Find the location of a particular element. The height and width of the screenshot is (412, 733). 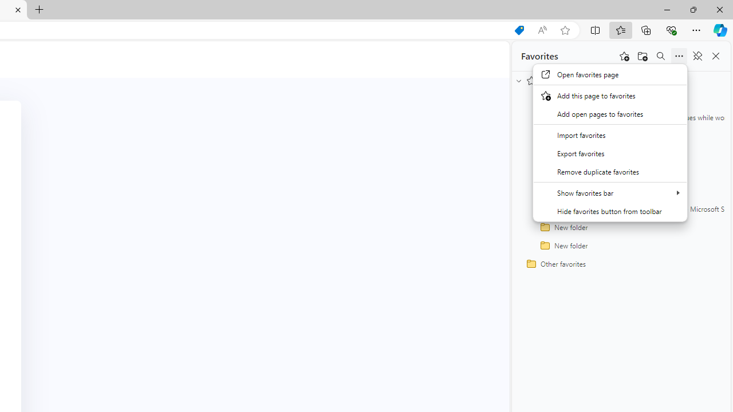

'Open favorites page' is located at coordinates (609, 74).